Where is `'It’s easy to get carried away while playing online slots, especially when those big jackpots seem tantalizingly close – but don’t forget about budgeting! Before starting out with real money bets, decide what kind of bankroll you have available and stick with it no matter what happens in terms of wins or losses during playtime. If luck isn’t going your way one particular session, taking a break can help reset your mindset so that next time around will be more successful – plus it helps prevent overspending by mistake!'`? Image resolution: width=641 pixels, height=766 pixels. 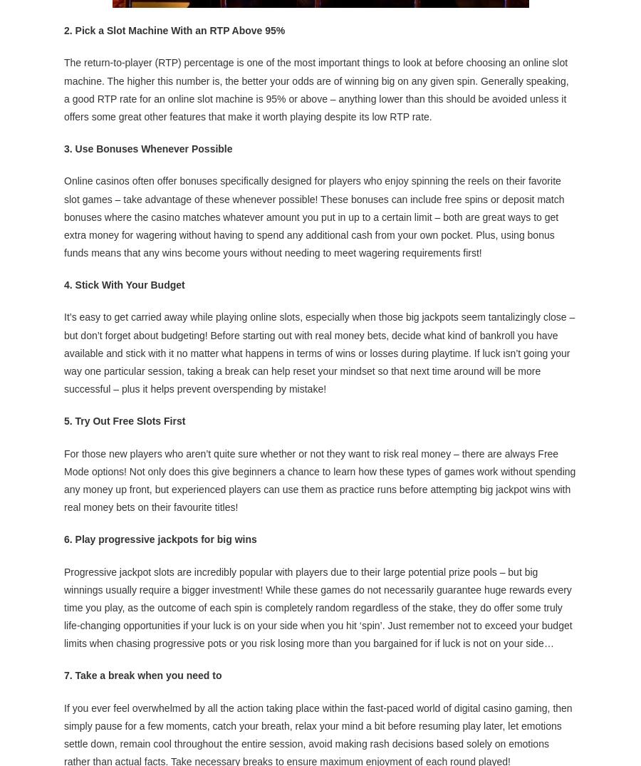 'It’s easy to get carried away while playing online slots, especially when those big jackpots seem tantalizingly close – but don’t forget about budgeting! Before starting out with real money bets, decide what kind of bankroll you have available and stick with it no matter what happens in terms of wins or losses during playtime. If luck isn’t going your way one particular session, taking a break can help reset your mindset so that next time around will be more successful – plus it helps prevent overspending by mistake!' is located at coordinates (319, 352).